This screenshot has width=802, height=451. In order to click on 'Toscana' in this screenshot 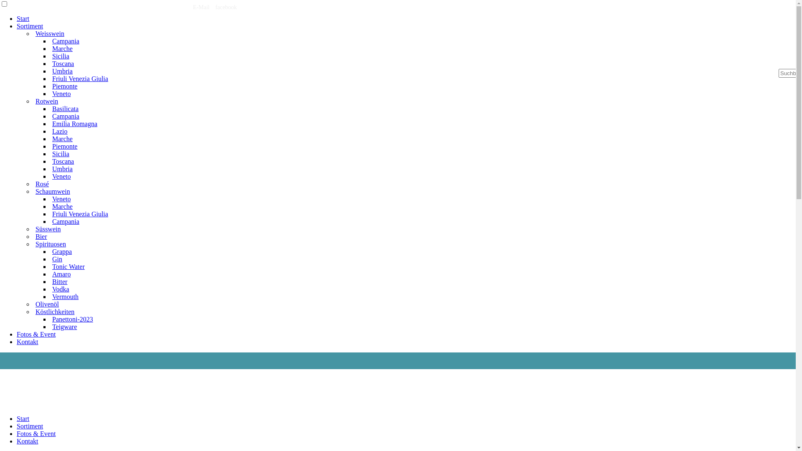, I will do `click(62, 63)`.